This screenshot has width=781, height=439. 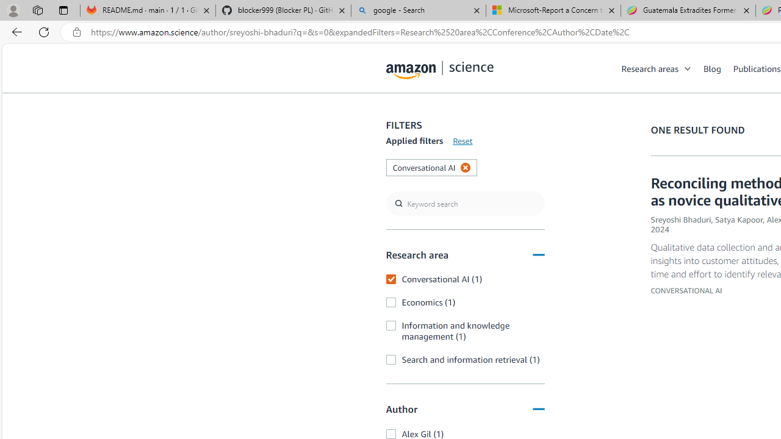 I want to click on 'Blog', so click(x=718, y=68).